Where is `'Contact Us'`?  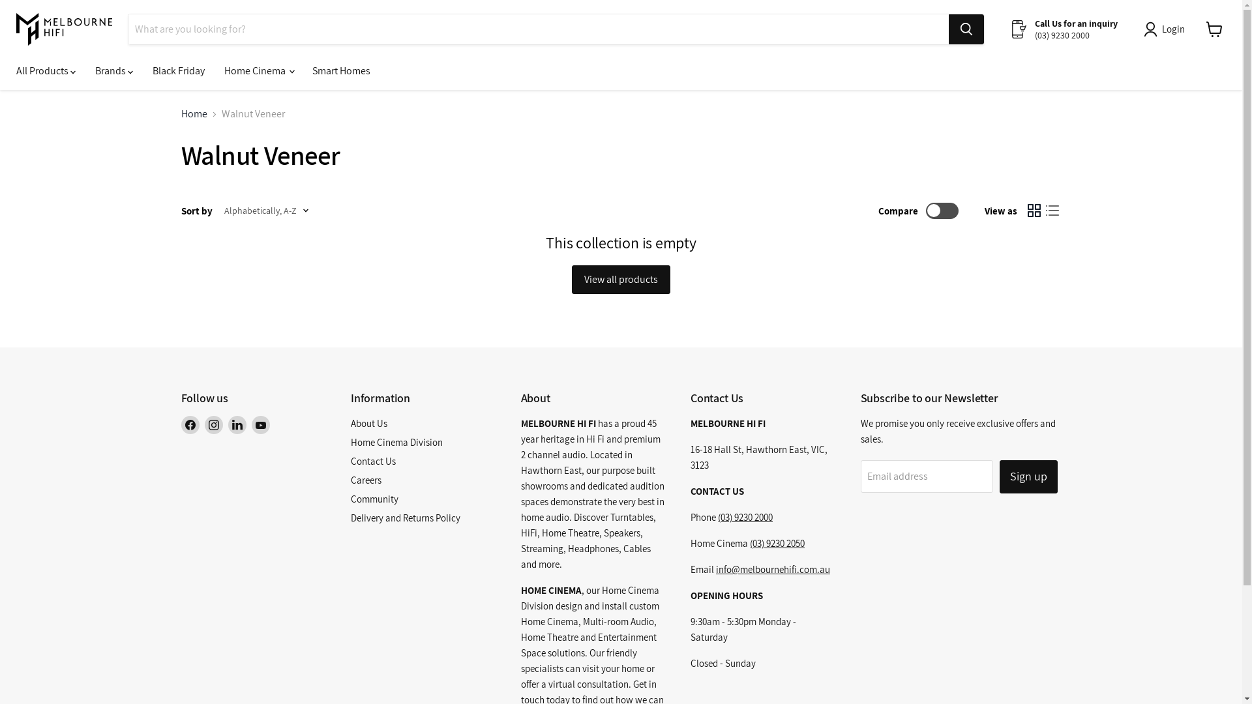
'Contact Us' is located at coordinates (372, 460).